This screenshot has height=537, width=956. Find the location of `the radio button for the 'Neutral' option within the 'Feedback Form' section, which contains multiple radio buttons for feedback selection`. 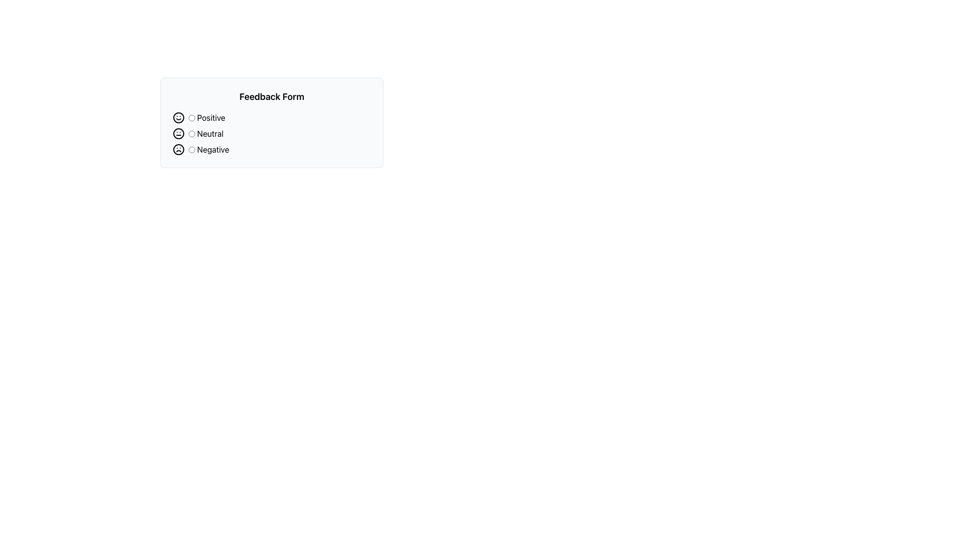

the radio button for the 'Neutral' option within the 'Feedback Form' section, which contains multiple radio buttons for feedback selection is located at coordinates (272, 122).